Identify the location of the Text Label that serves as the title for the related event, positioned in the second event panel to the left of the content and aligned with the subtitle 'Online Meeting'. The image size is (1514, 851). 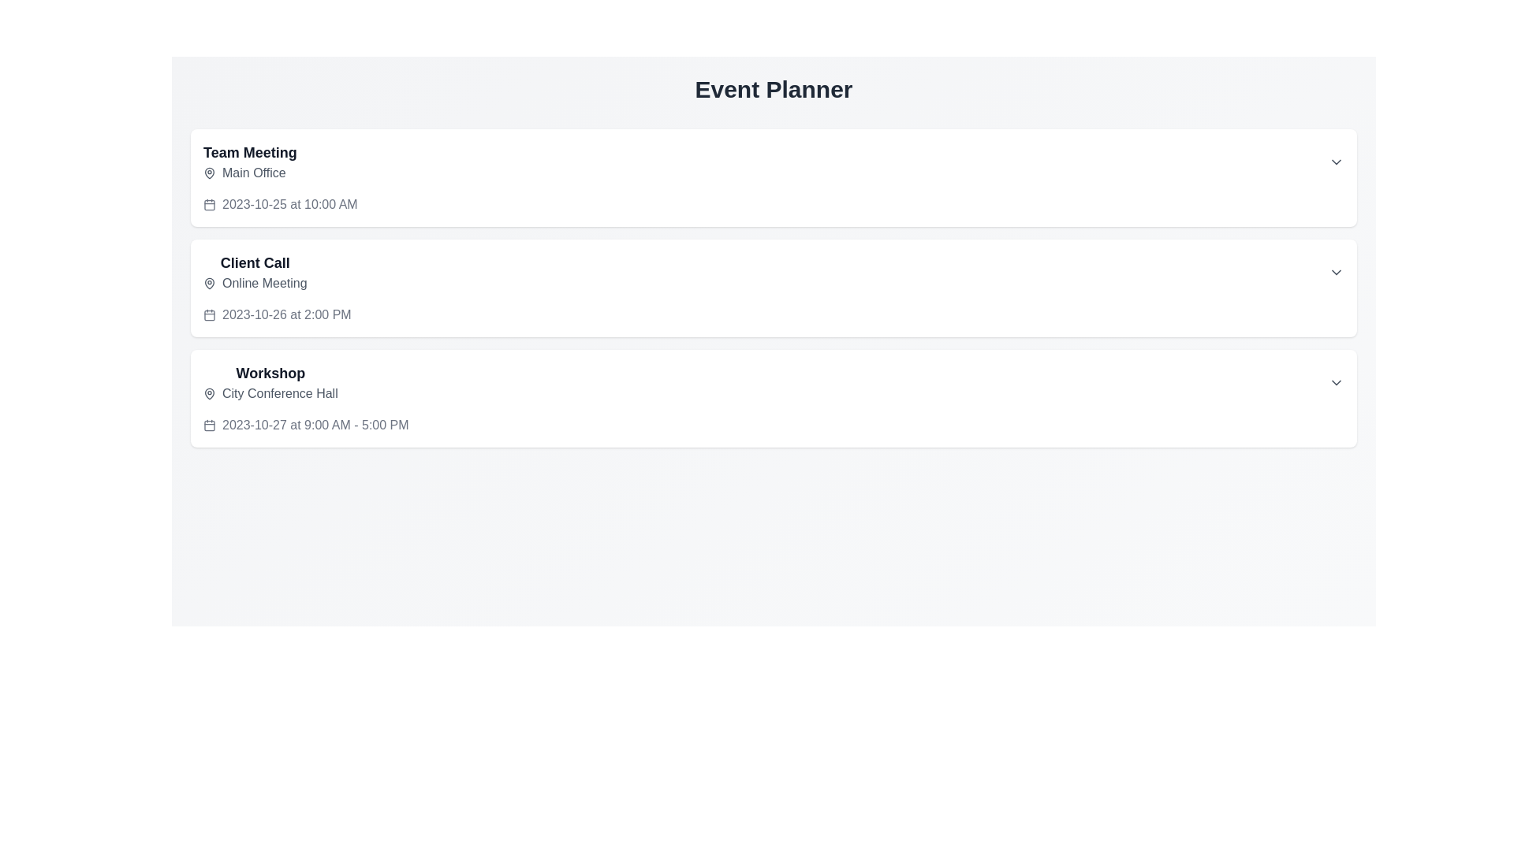
(255, 262).